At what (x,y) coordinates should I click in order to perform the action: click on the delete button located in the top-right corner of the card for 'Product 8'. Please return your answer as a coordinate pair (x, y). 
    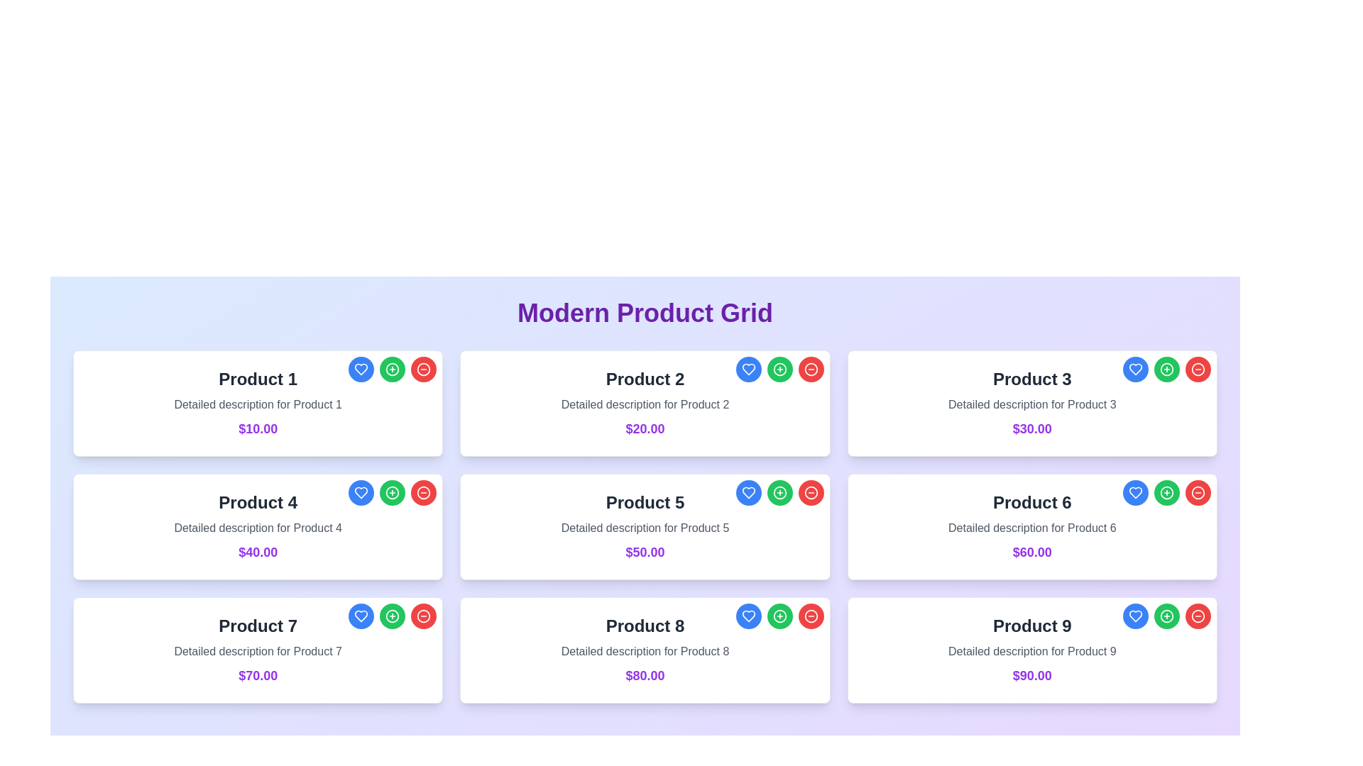
    Looking at the image, I should click on (811, 615).